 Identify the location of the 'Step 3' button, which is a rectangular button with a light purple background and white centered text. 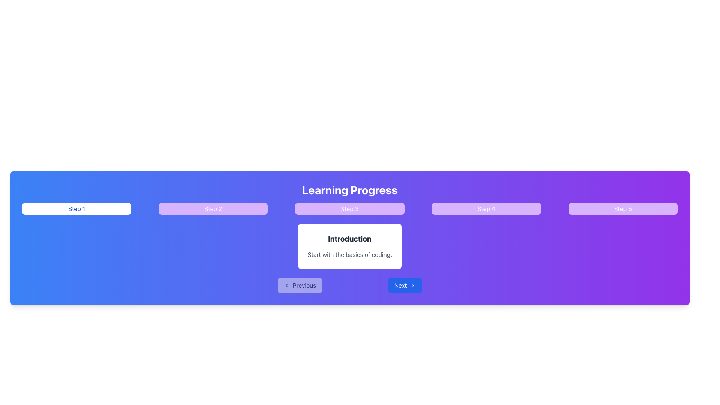
(349, 208).